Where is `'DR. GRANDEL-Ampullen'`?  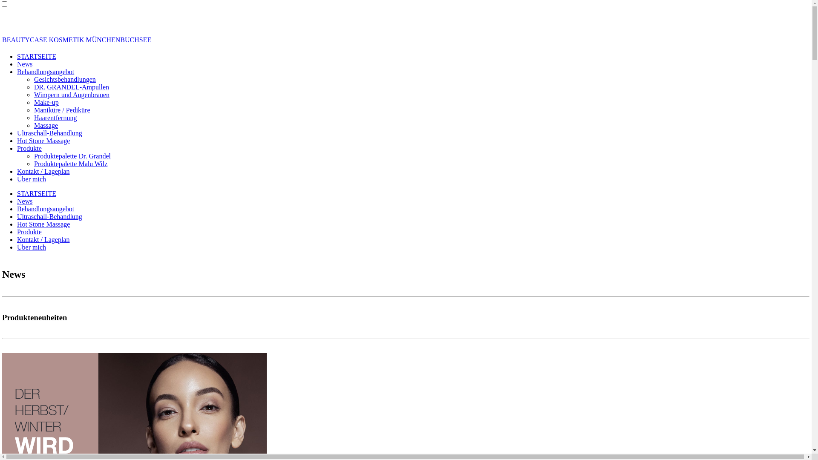
'DR. GRANDEL-Ampullen' is located at coordinates (72, 87).